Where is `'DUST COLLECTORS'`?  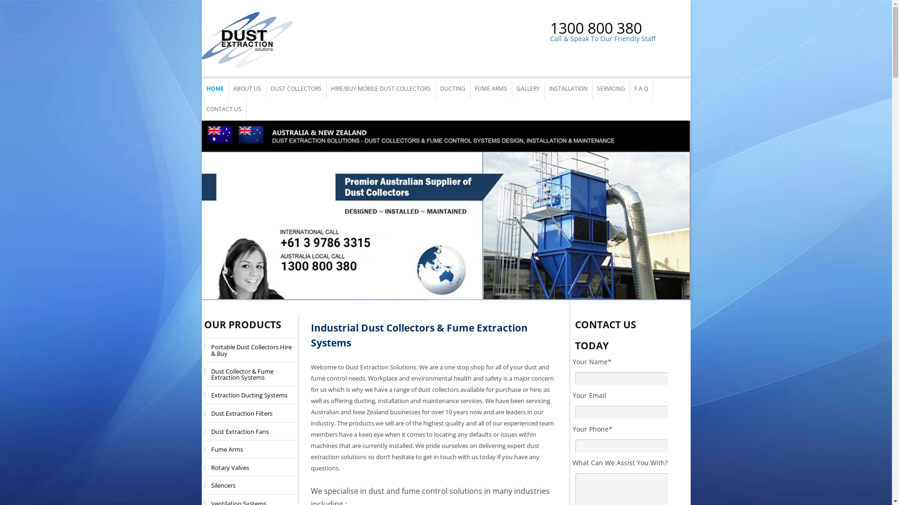
'DUST COLLECTORS' is located at coordinates (295, 88).